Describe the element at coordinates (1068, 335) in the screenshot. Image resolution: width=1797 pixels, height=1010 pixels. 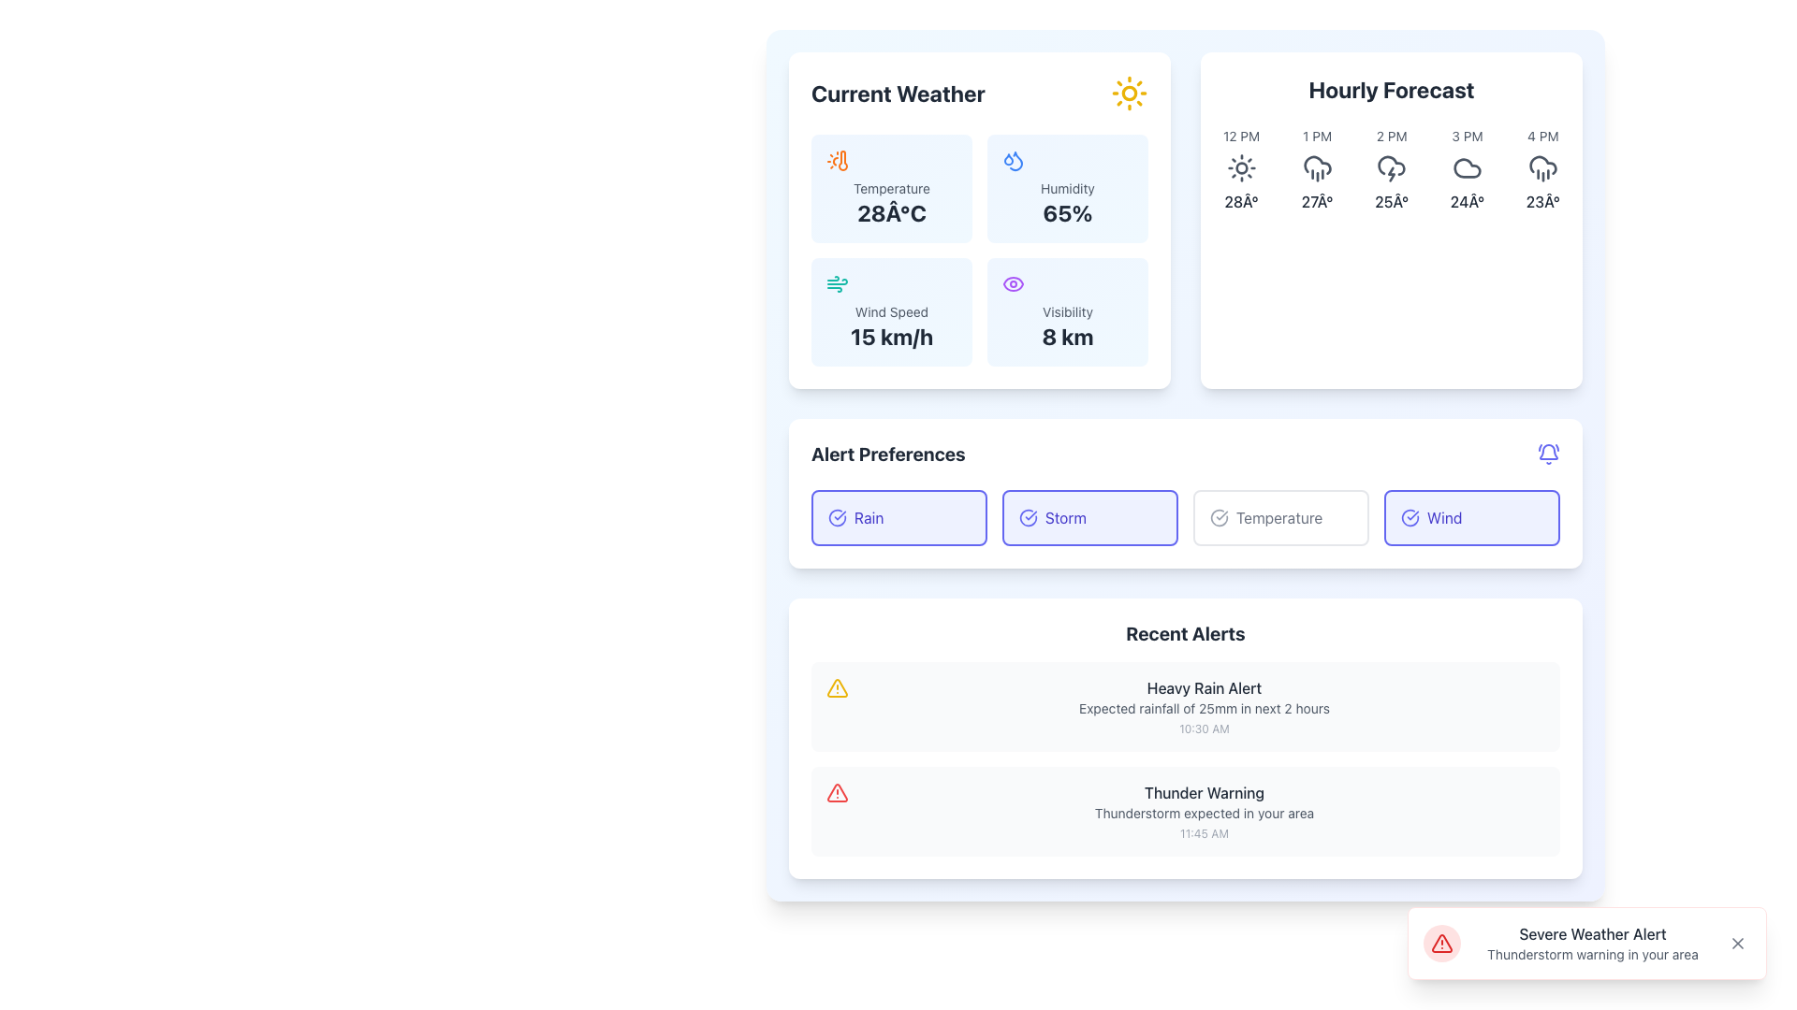
I see `the Text Display that shows the current visibility measurement in kilometers, located beneath the 'Visibility' label in the 'Current Weather' section` at that location.